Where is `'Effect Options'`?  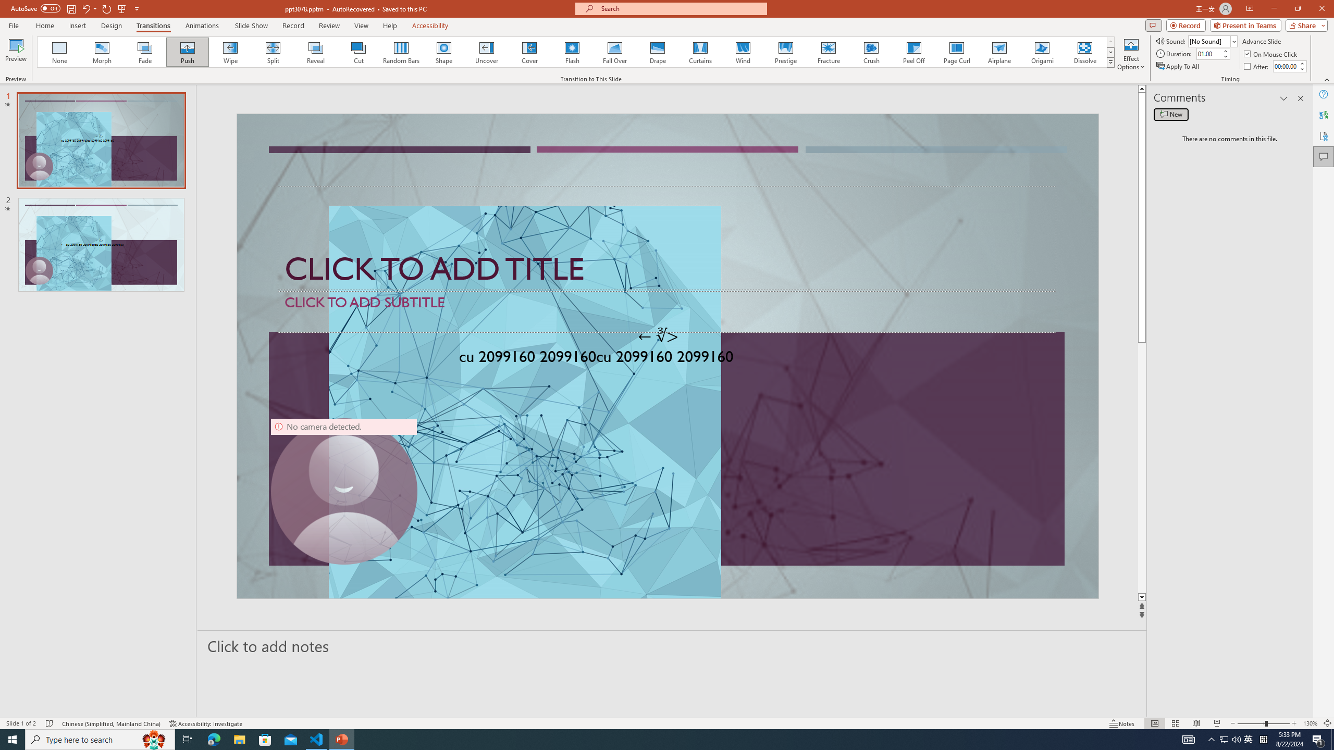
'Effect Options' is located at coordinates (1130, 54).